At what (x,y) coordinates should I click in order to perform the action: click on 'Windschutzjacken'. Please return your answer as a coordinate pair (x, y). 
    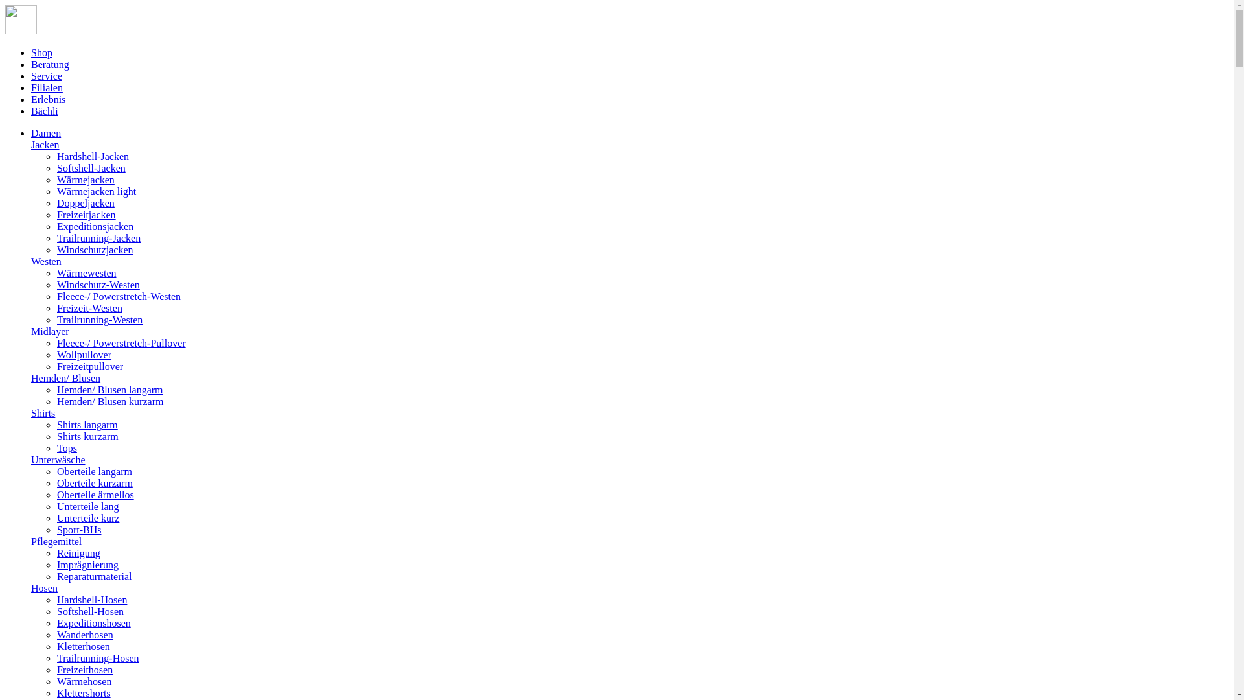
    Looking at the image, I should click on (95, 250).